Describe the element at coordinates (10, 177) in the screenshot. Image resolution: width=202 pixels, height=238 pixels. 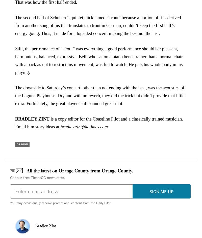
I see `'Get our free TimesOC newsletter.'` at that location.